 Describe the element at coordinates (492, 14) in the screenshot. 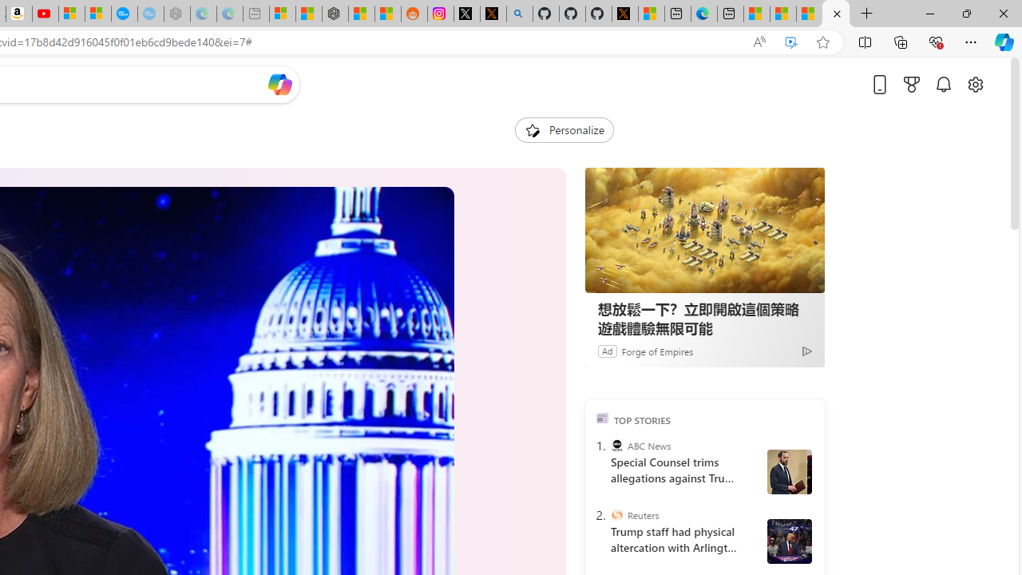

I see `'help.x.com | 524: A timeout occurred'` at that location.